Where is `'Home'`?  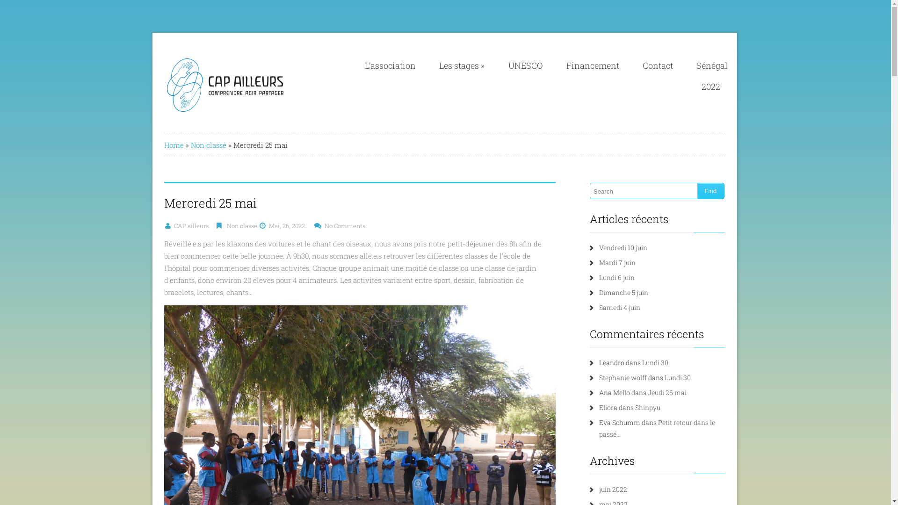
'Home' is located at coordinates (174, 144).